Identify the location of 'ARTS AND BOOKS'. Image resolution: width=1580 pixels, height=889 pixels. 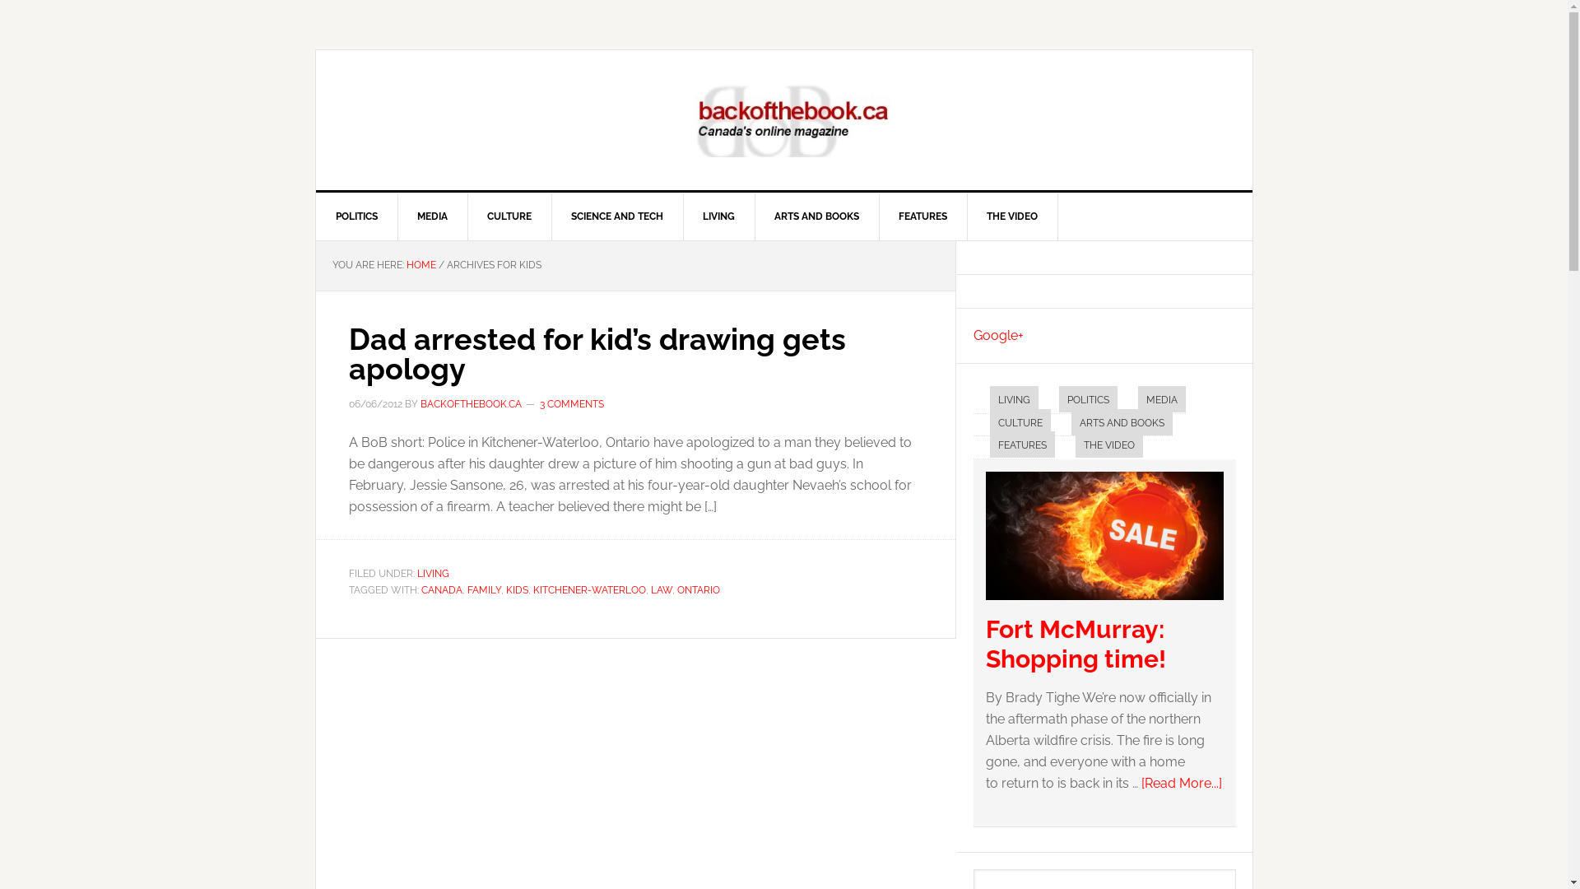
(816, 215).